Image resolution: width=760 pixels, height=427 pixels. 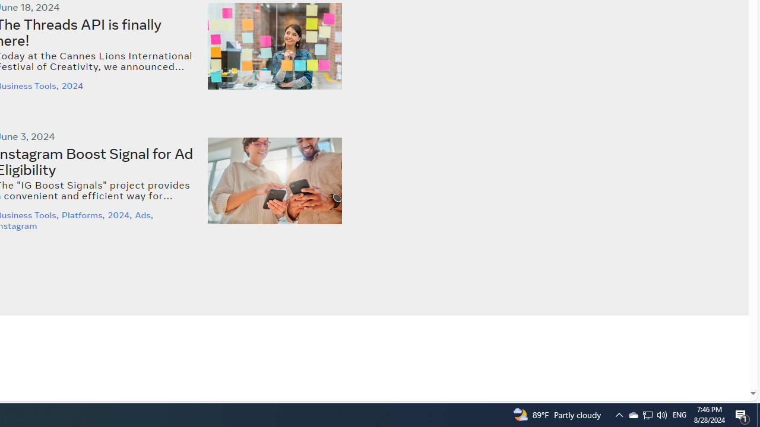 I want to click on '2024,', so click(x=121, y=215).